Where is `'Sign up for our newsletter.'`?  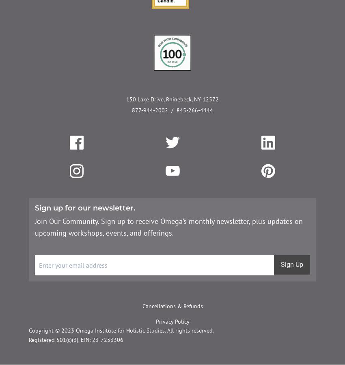
'Sign up for our newsletter.' is located at coordinates (84, 207).